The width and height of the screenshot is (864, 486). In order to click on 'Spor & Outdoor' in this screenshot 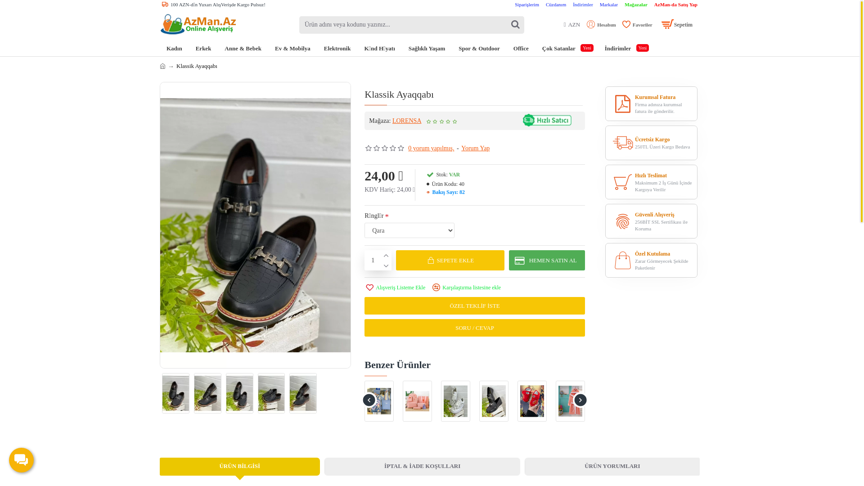, I will do `click(479, 48)`.